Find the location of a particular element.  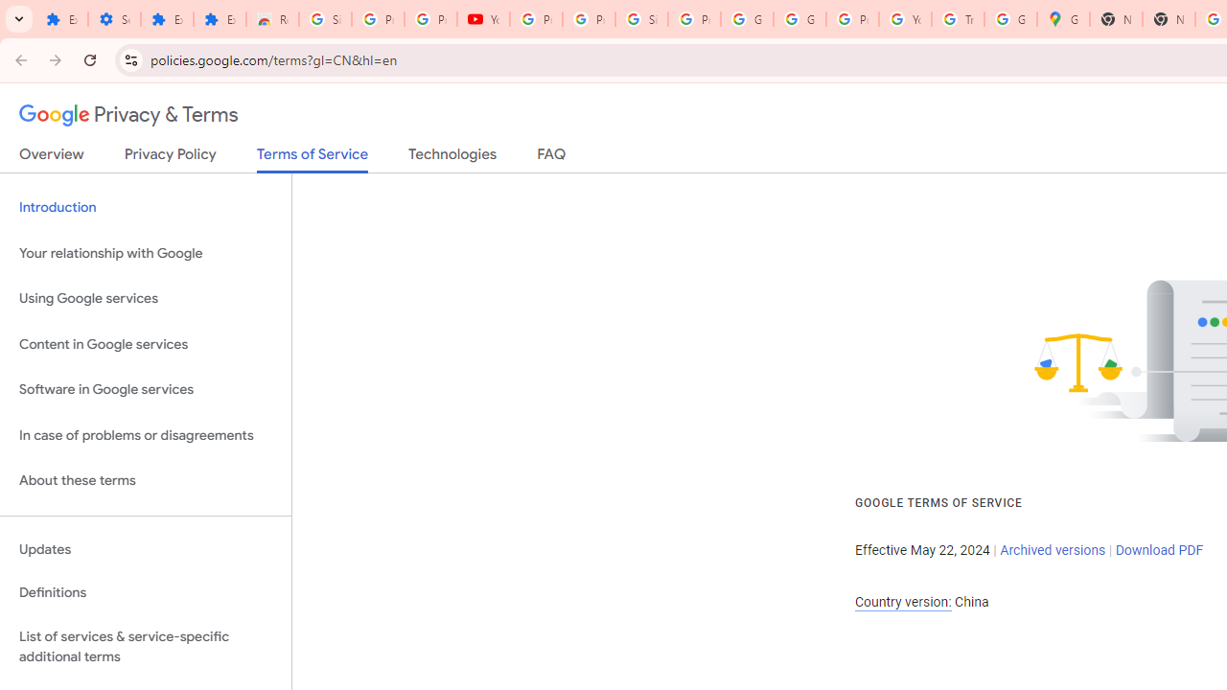

'New Tab' is located at coordinates (1168, 19).